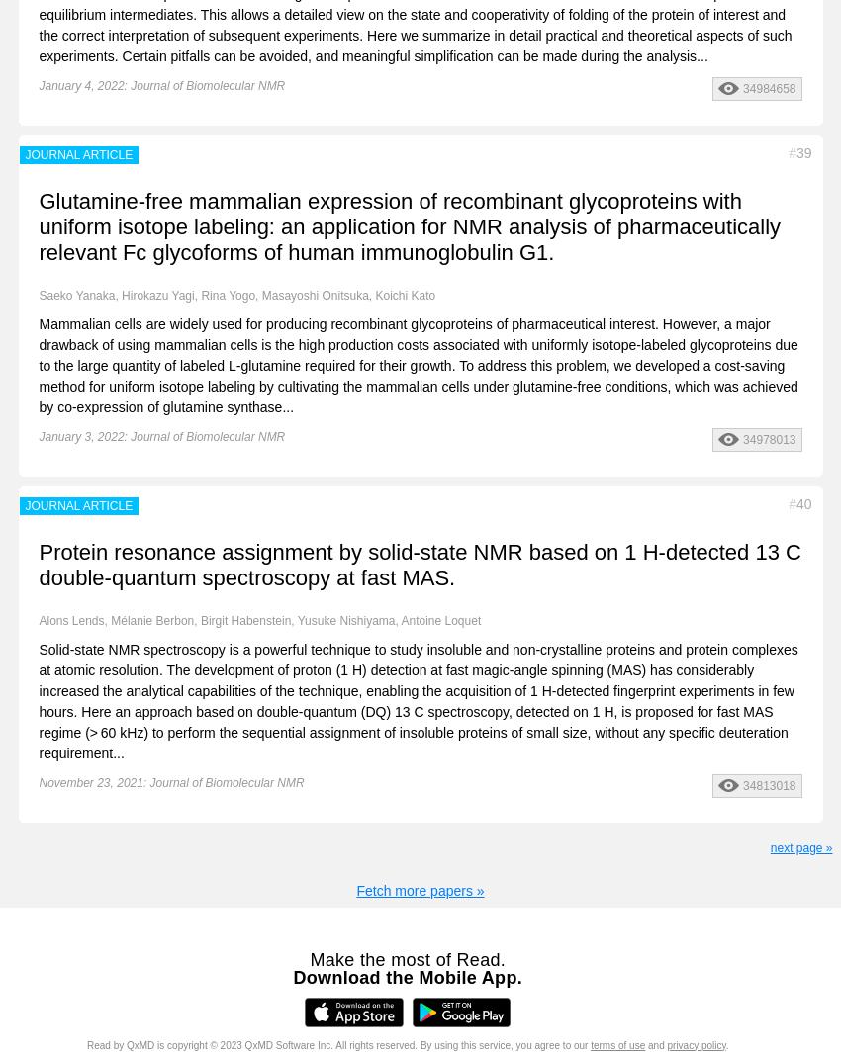  Describe the element at coordinates (419, 564) in the screenshot. I see `'Protein resonance assignment by solid-state NMR based on 1 H-detected 13 C double-quantum spectroscopy at fast MAS.'` at that location.